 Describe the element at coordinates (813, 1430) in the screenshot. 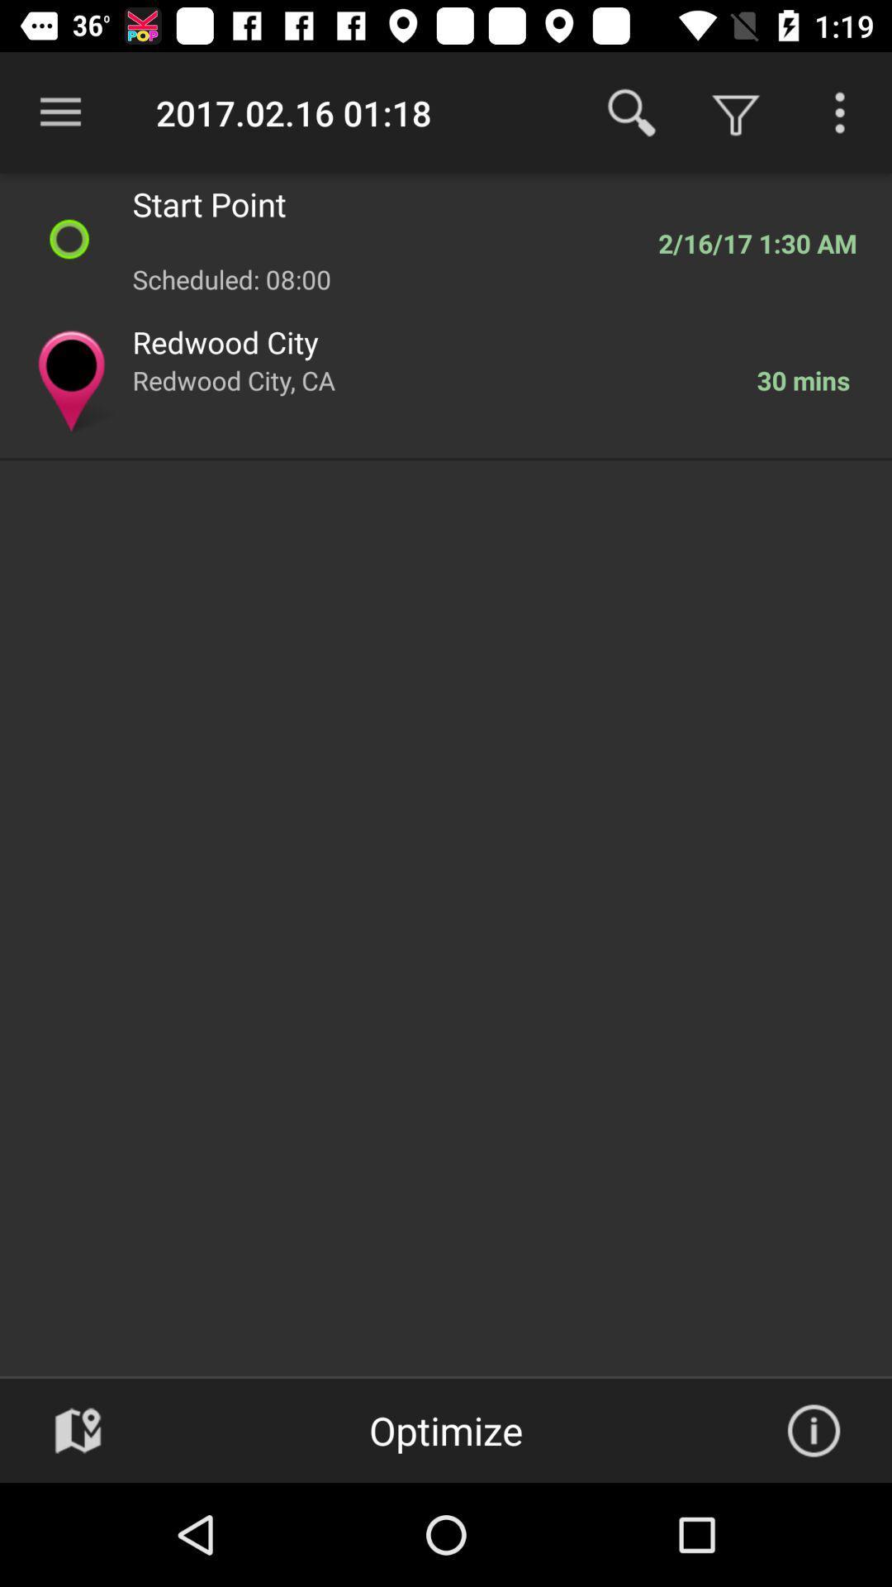

I see `info box` at that location.